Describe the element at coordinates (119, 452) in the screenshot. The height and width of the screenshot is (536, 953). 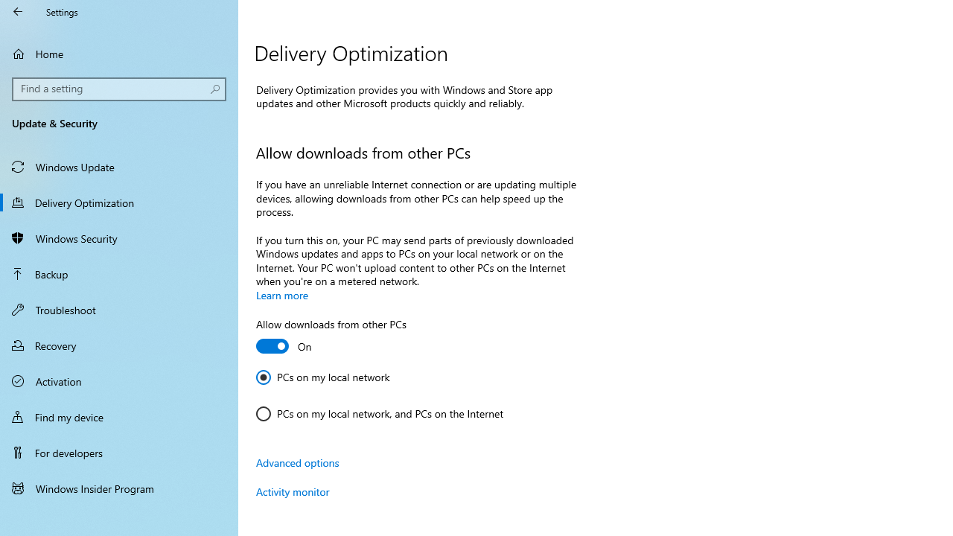
I see `'For developers'` at that location.